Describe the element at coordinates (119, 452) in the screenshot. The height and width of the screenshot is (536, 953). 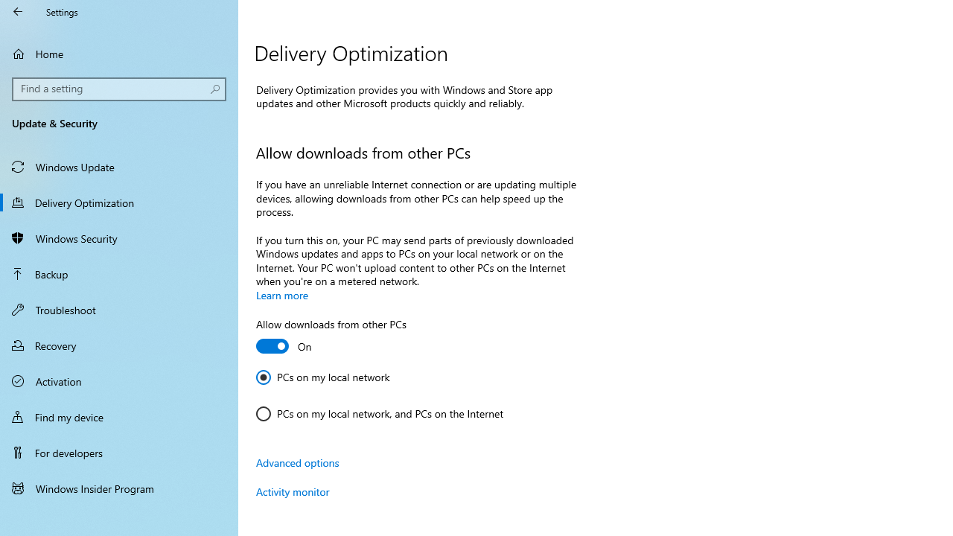
I see `'For developers'` at that location.